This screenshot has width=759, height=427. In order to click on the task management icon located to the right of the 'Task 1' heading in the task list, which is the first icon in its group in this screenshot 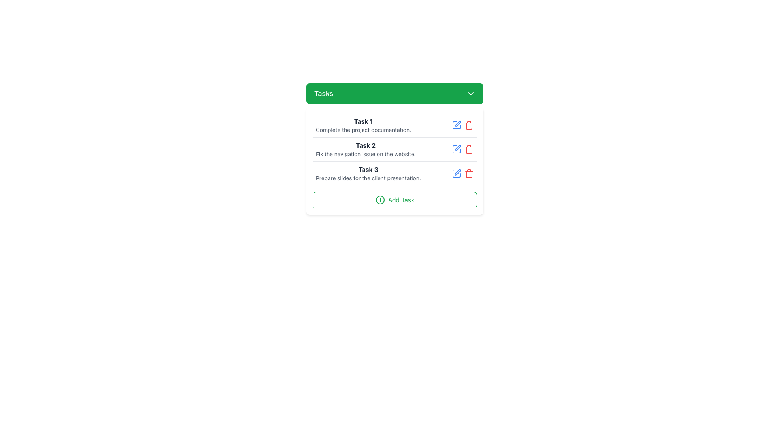, I will do `click(457, 125)`.